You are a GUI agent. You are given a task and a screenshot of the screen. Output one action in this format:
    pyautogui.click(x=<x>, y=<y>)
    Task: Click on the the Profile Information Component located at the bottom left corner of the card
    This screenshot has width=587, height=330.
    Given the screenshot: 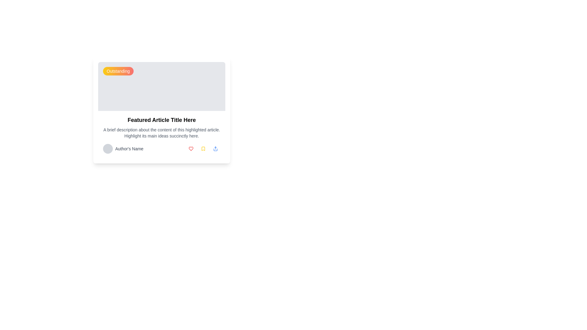 What is the action you would take?
    pyautogui.click(x=123, y=148)
    